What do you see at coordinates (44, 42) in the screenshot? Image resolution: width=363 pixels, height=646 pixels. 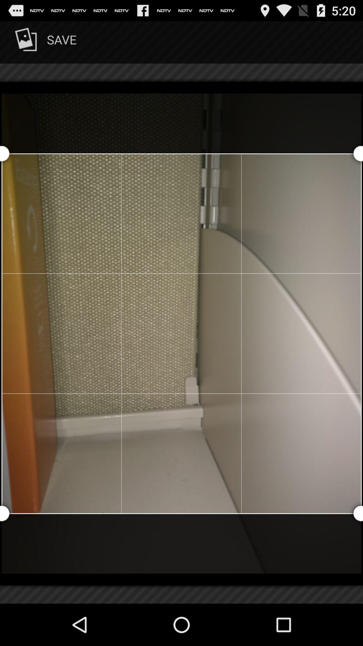 I see `the item at the top left corner` at bounding box center [44, 42].